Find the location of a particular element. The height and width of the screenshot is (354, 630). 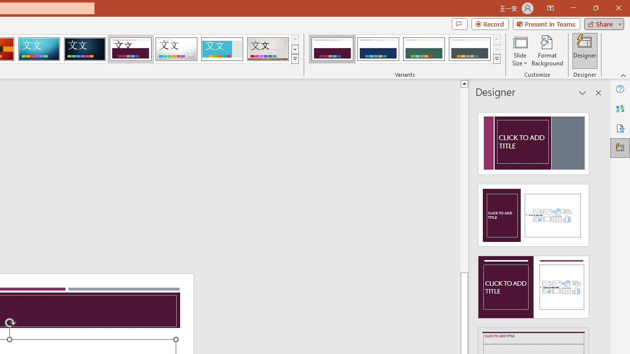

'Slide Size' is located at coordinates (519, 51).